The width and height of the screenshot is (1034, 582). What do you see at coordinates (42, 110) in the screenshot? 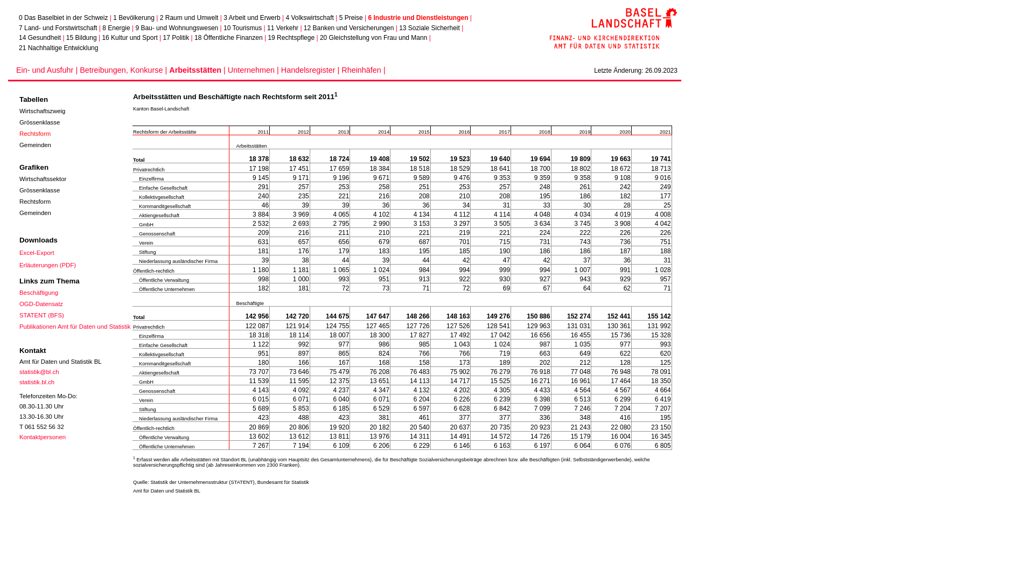
I see `'Wirtschaftszweig'` at bounding box center [42, 110].